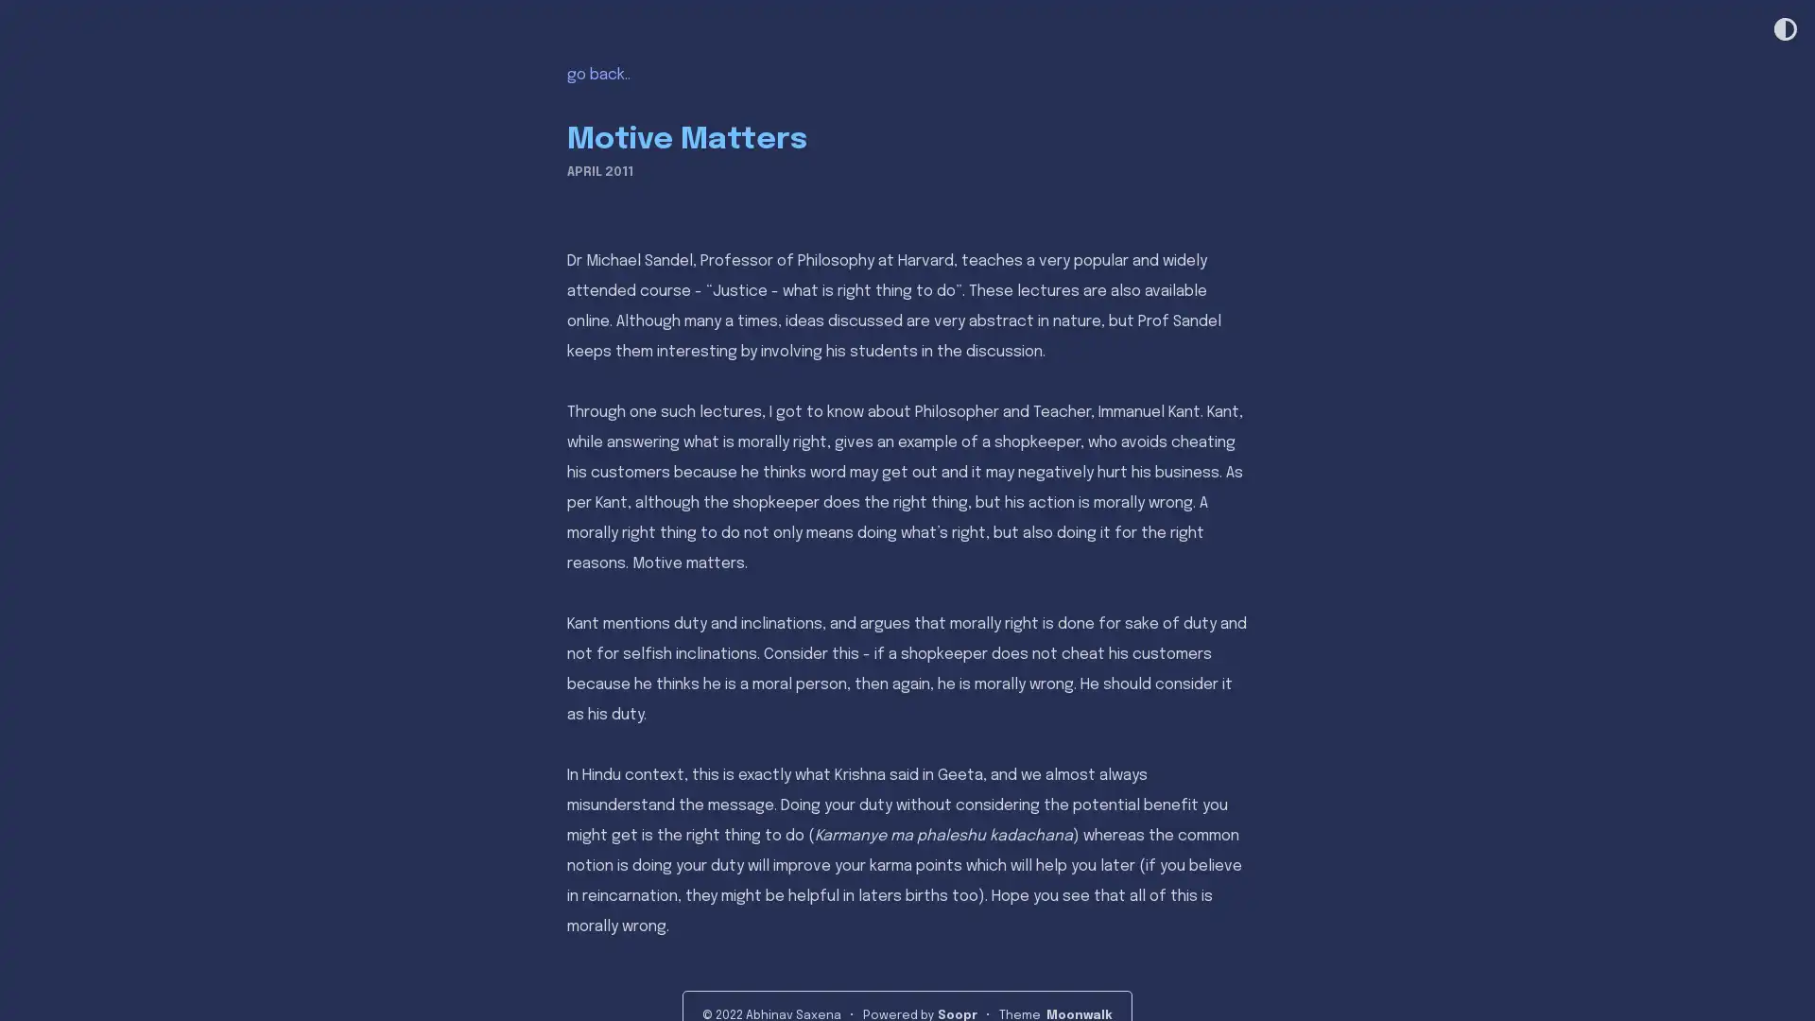 The width and height of the screenshot is (1815, 1021). I want to click on Toggle Theme, so click(1783, 30).